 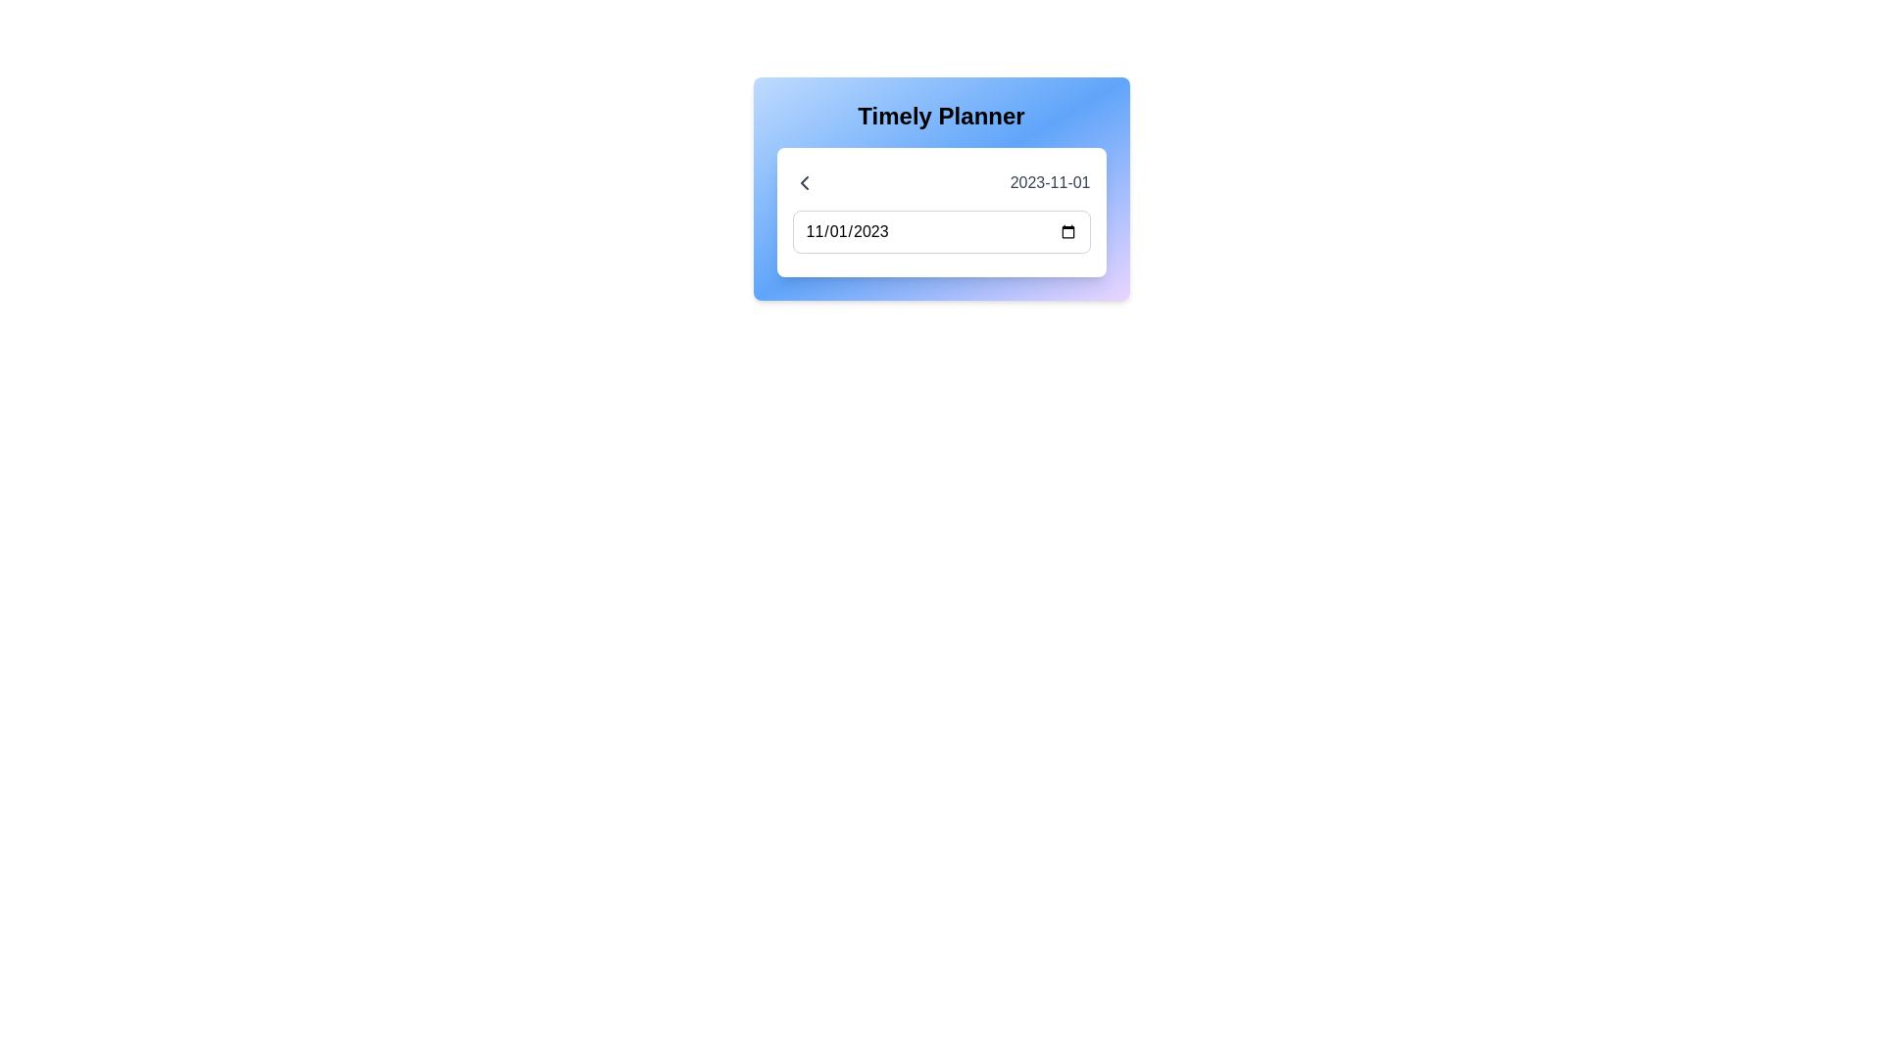 I want to click on the 'Timely Planner' title text label, which is centrally aligned at the top of a rectangular card with a gradient blue-to-purple background, so click(x=941, y=117).